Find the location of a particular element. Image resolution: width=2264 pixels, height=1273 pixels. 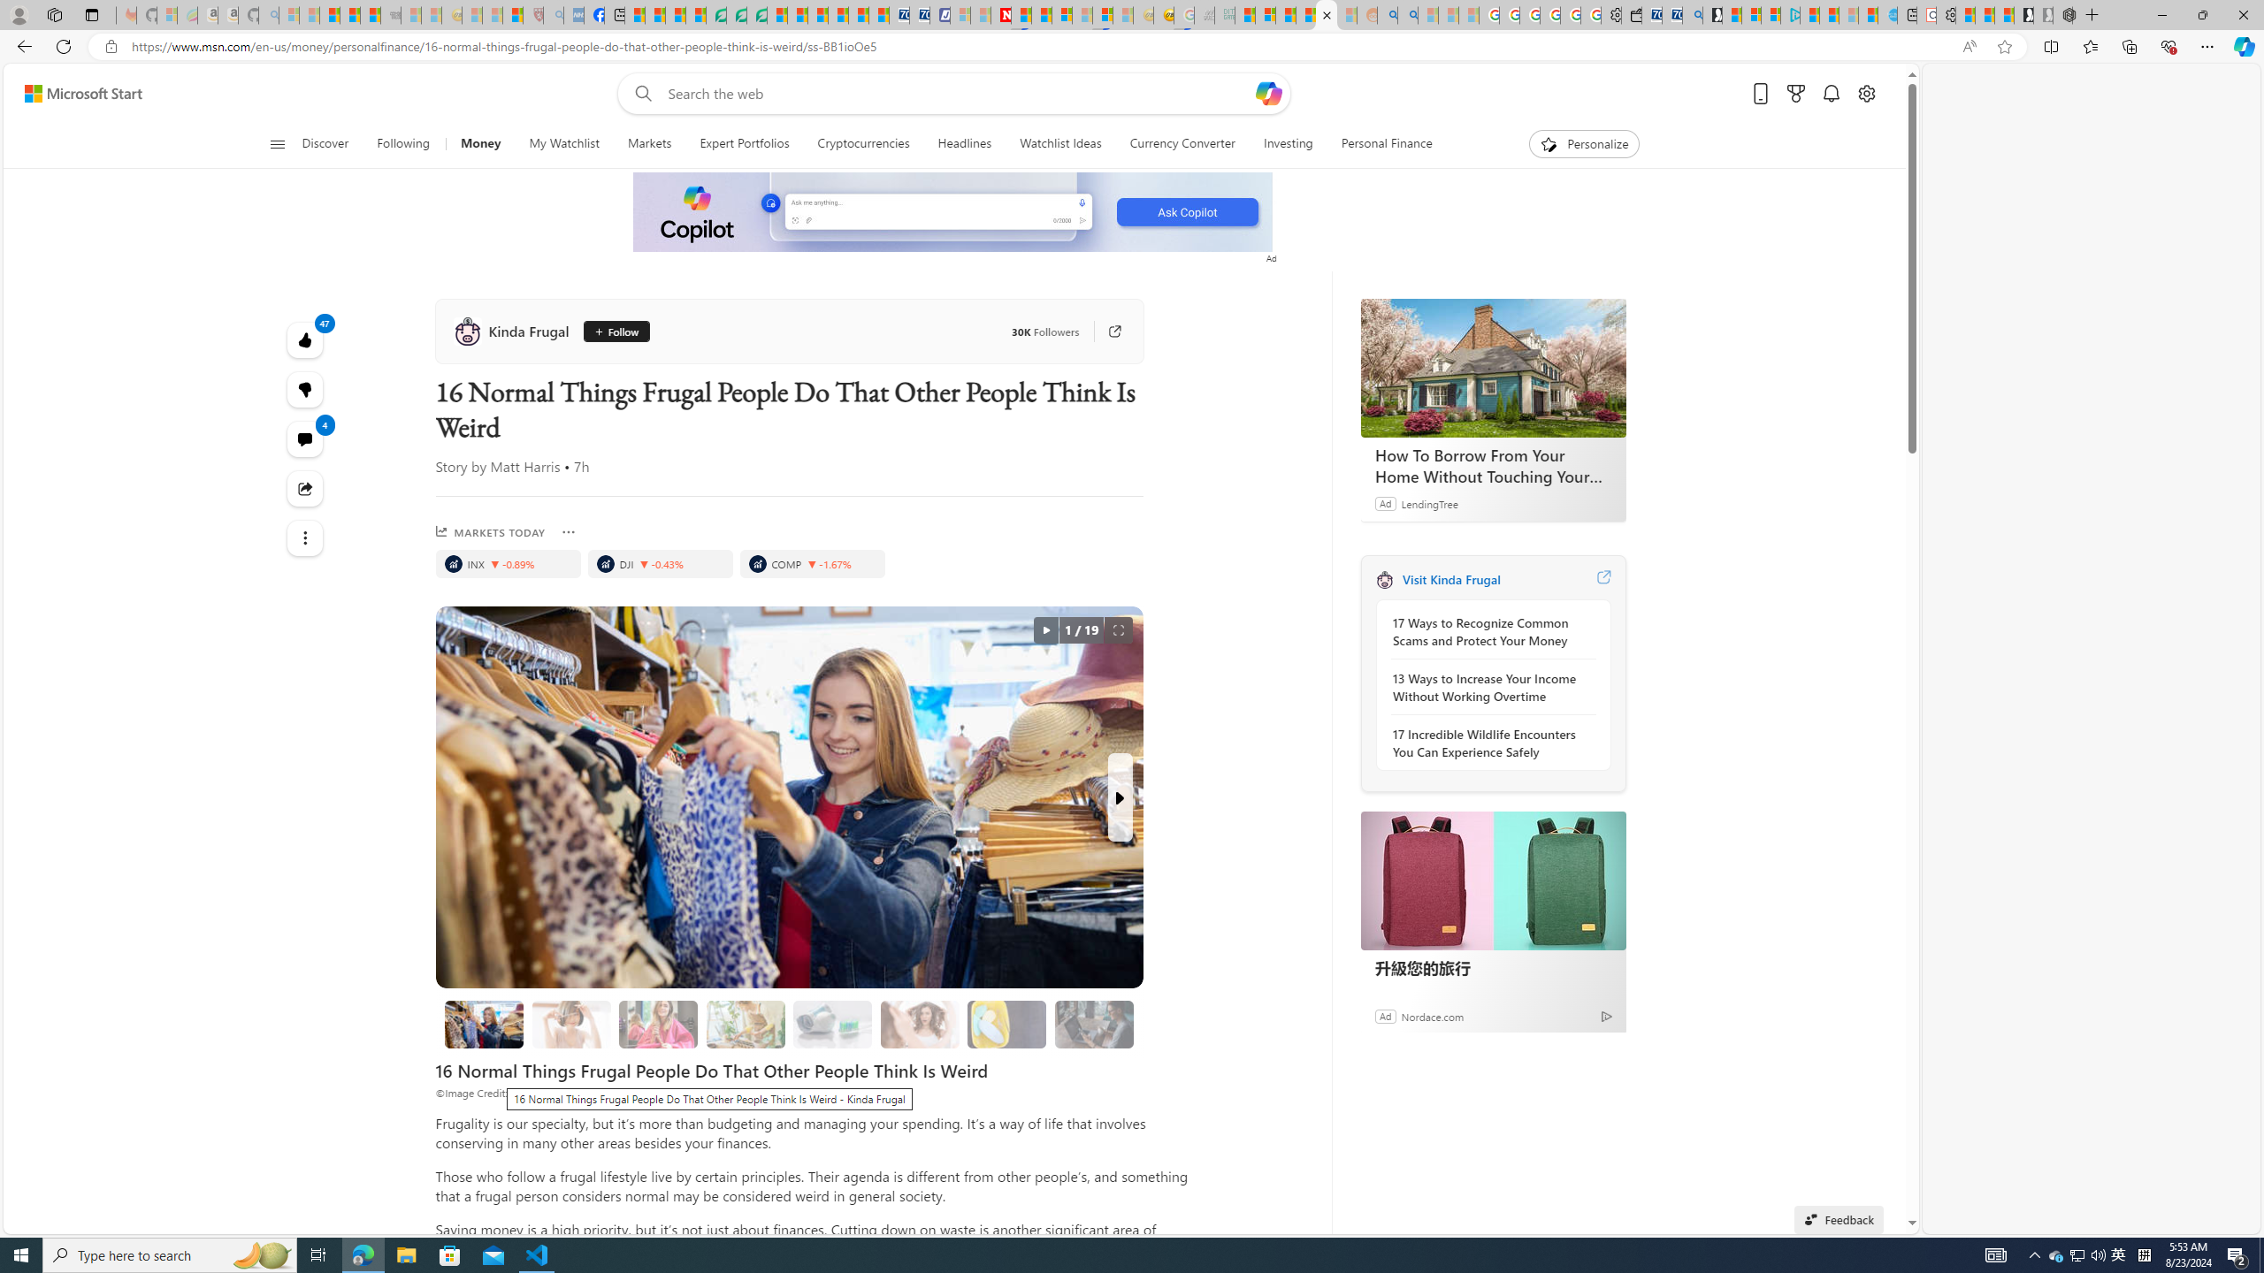

'Headlines' is located at coordinates (965, 143).